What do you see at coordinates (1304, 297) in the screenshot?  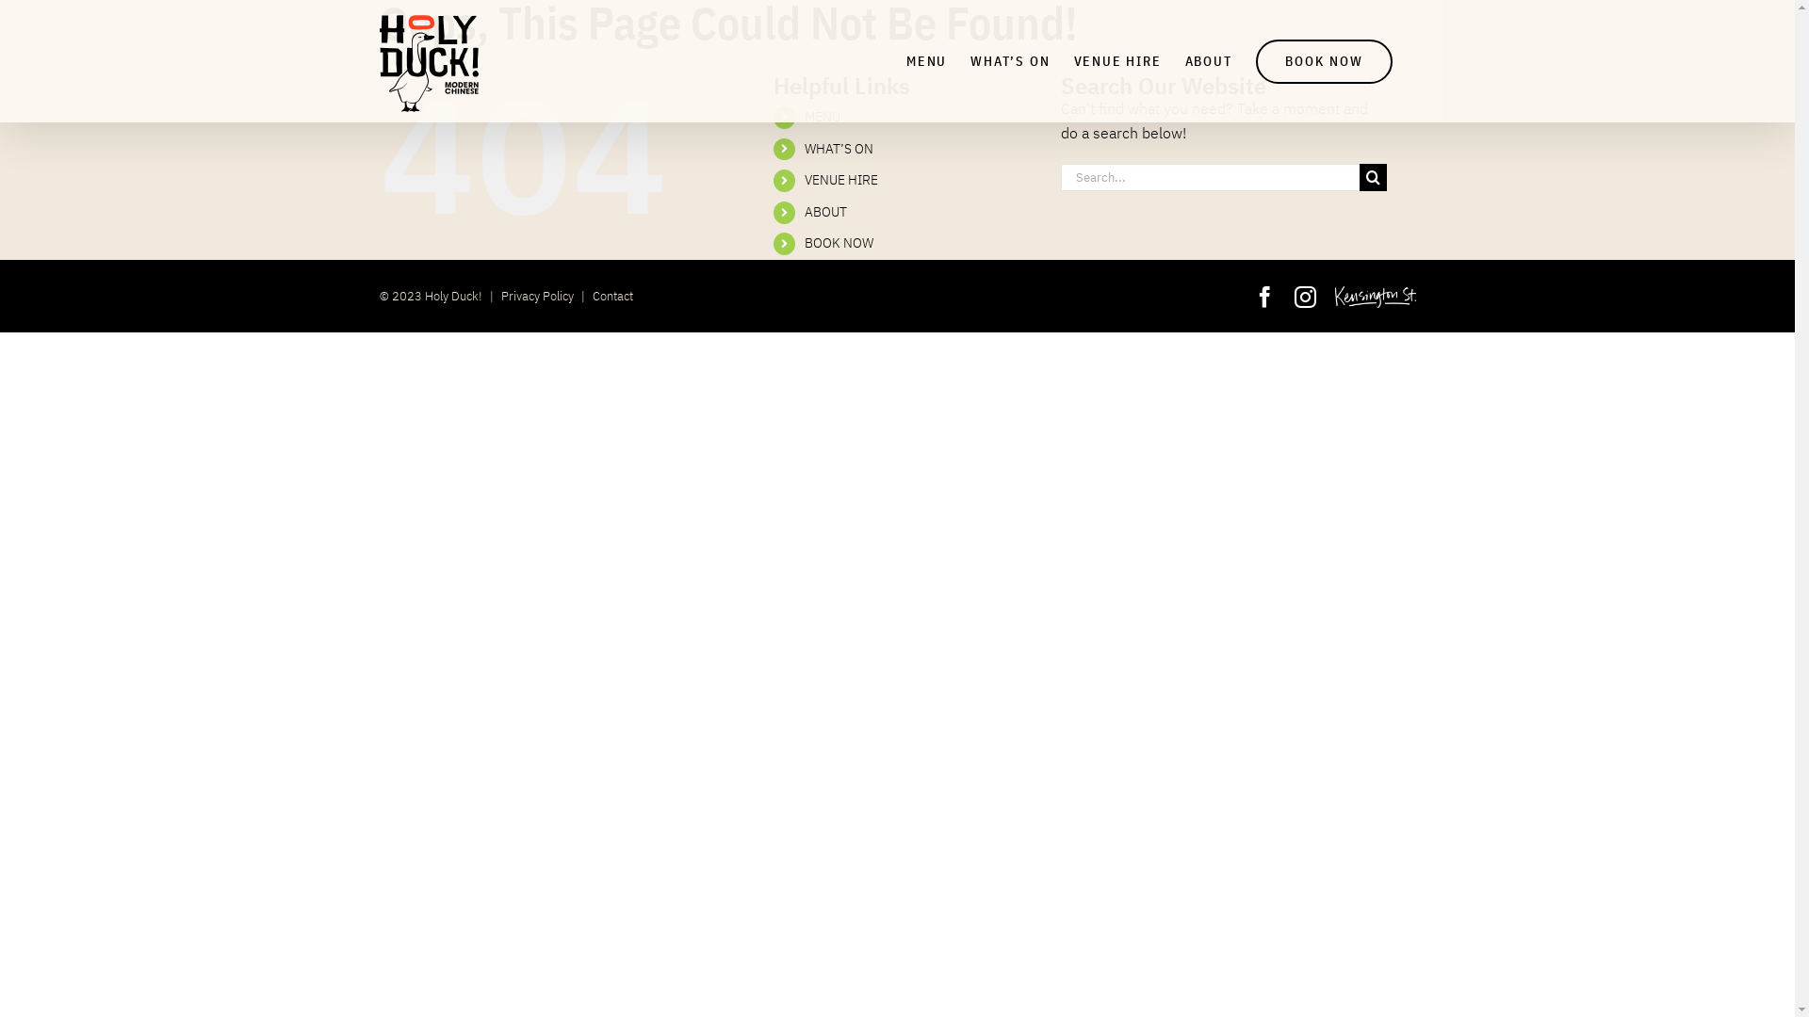 I see `'Instagram'` at bounding box center [1304, 297].